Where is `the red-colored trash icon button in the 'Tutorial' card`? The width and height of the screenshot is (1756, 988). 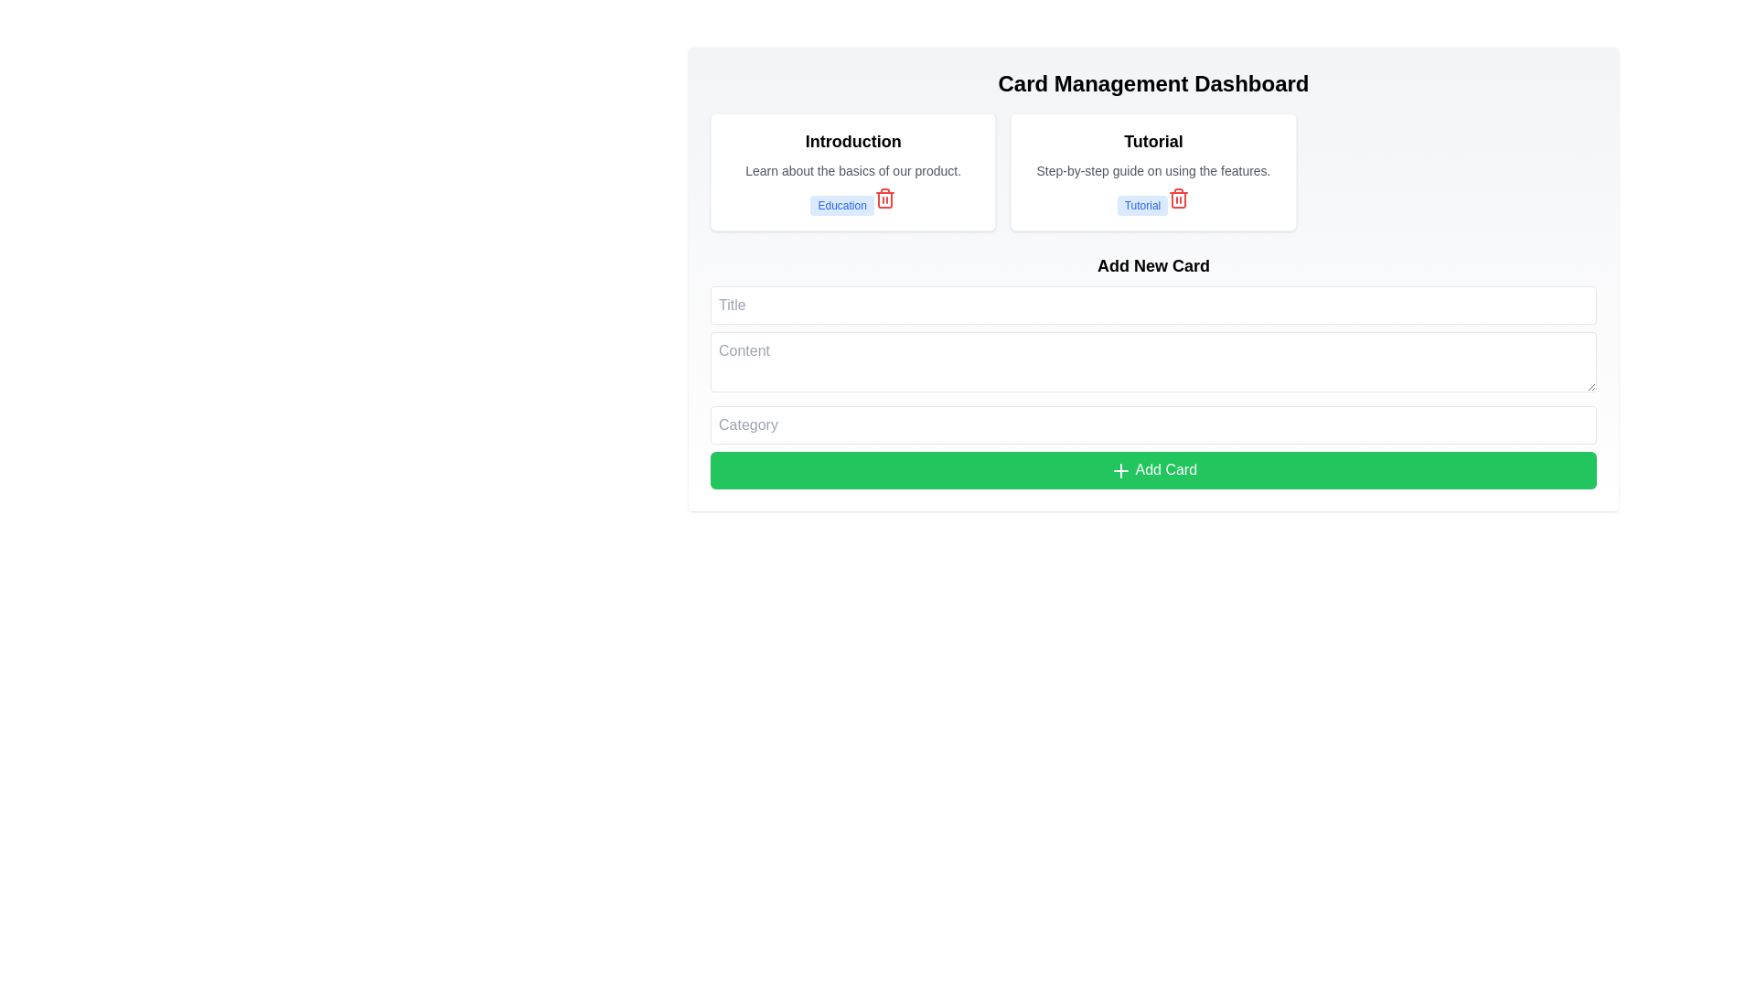
the red-colored trash icon button in the 'Tutorial' card is located at coordinates (1179, 198).